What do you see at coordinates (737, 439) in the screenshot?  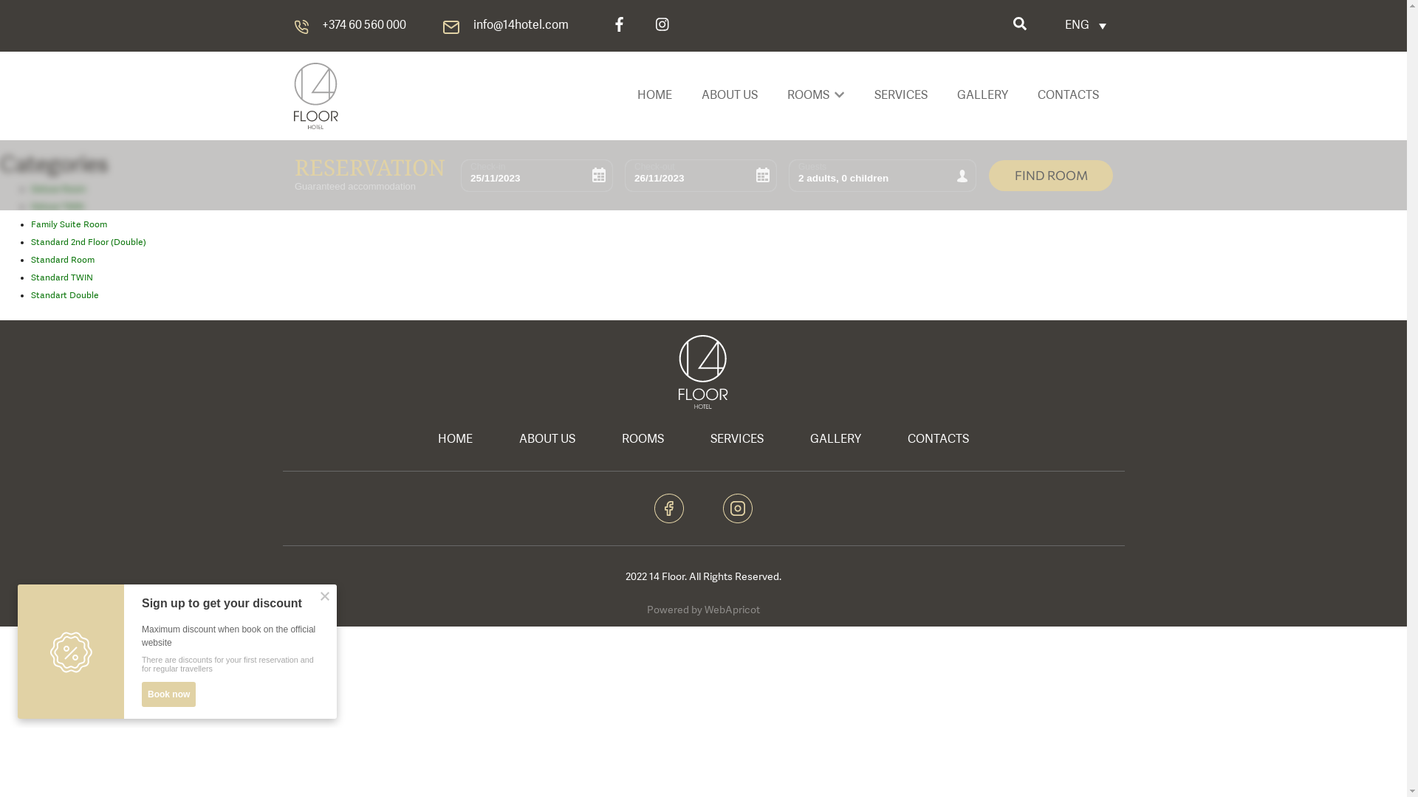 I see `'SERVICES'` at bounding box center [737, 439].